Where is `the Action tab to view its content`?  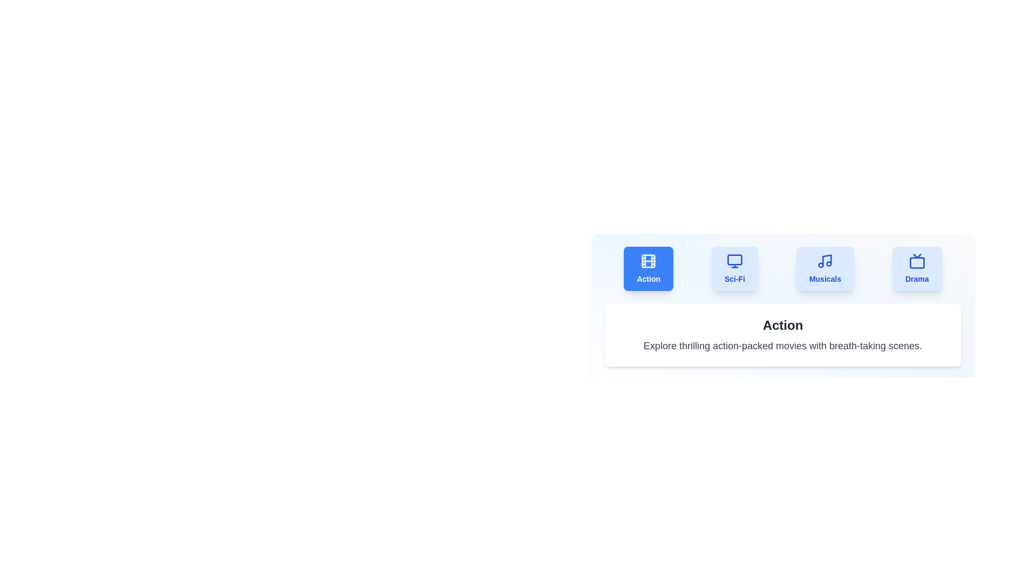 the Action tab to view its content is located at coordinates (647, 268).